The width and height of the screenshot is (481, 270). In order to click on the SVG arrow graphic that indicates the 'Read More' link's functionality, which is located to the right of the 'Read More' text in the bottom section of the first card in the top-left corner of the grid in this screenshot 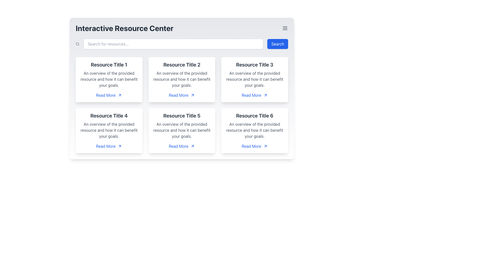, I will do `click(119, 95)`.